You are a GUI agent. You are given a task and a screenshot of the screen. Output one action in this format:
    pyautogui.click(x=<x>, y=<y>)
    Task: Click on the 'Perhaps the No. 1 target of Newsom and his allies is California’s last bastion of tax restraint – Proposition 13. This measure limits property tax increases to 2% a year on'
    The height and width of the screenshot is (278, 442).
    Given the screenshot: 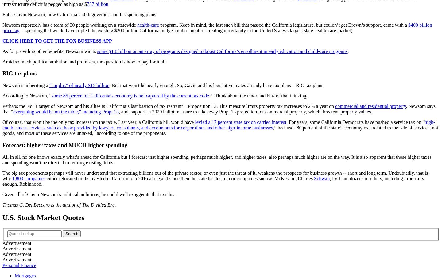 What is the action you would take?
    pyautogui.click(x=169, y=106)
    